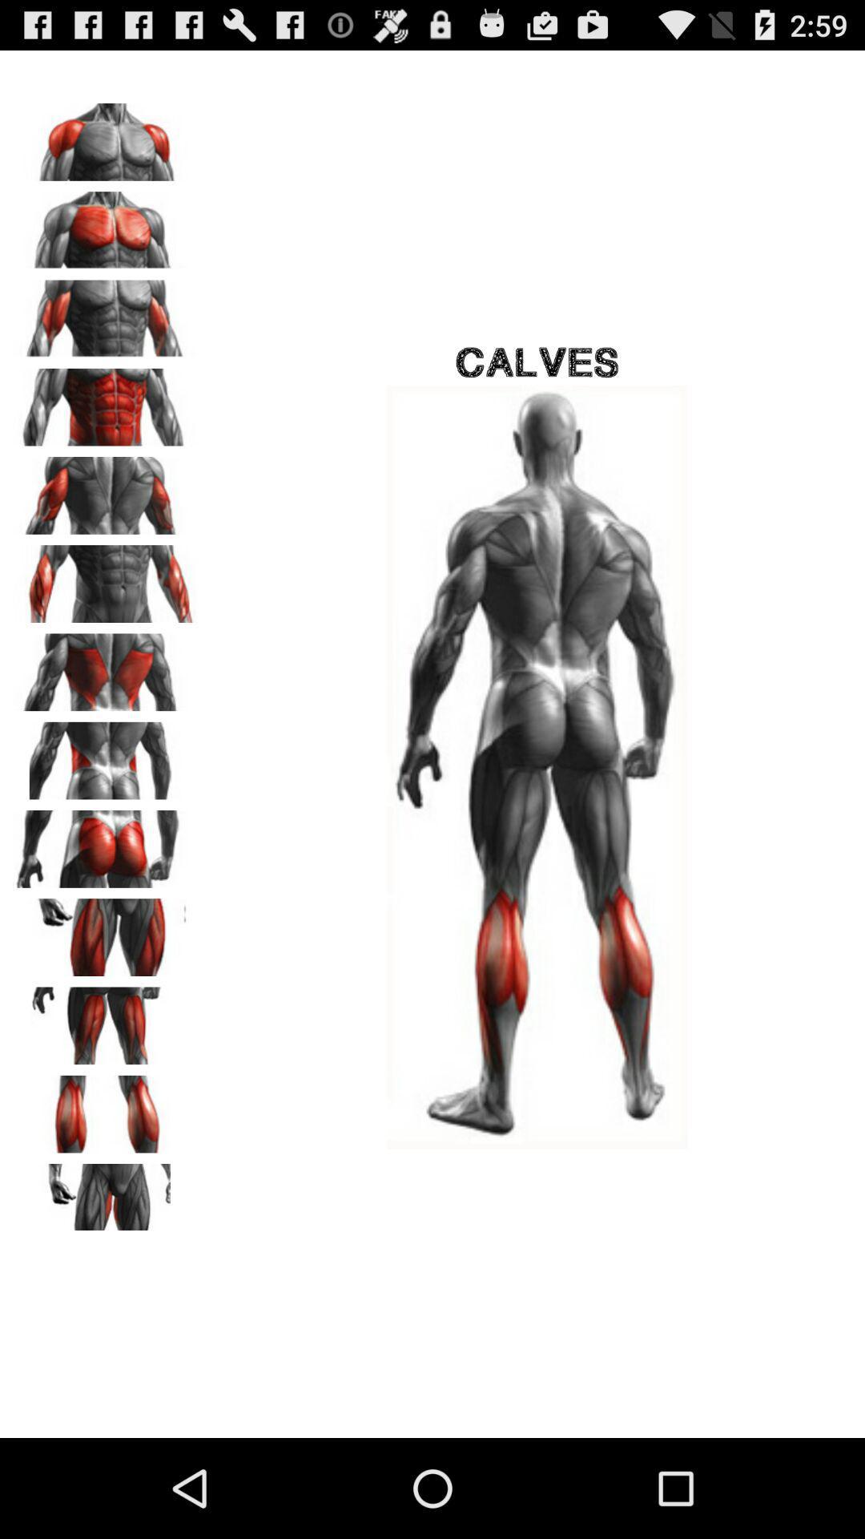 The width and height of the screenshot is (865, 1539). I want to click on choose option, so click(105, 931).